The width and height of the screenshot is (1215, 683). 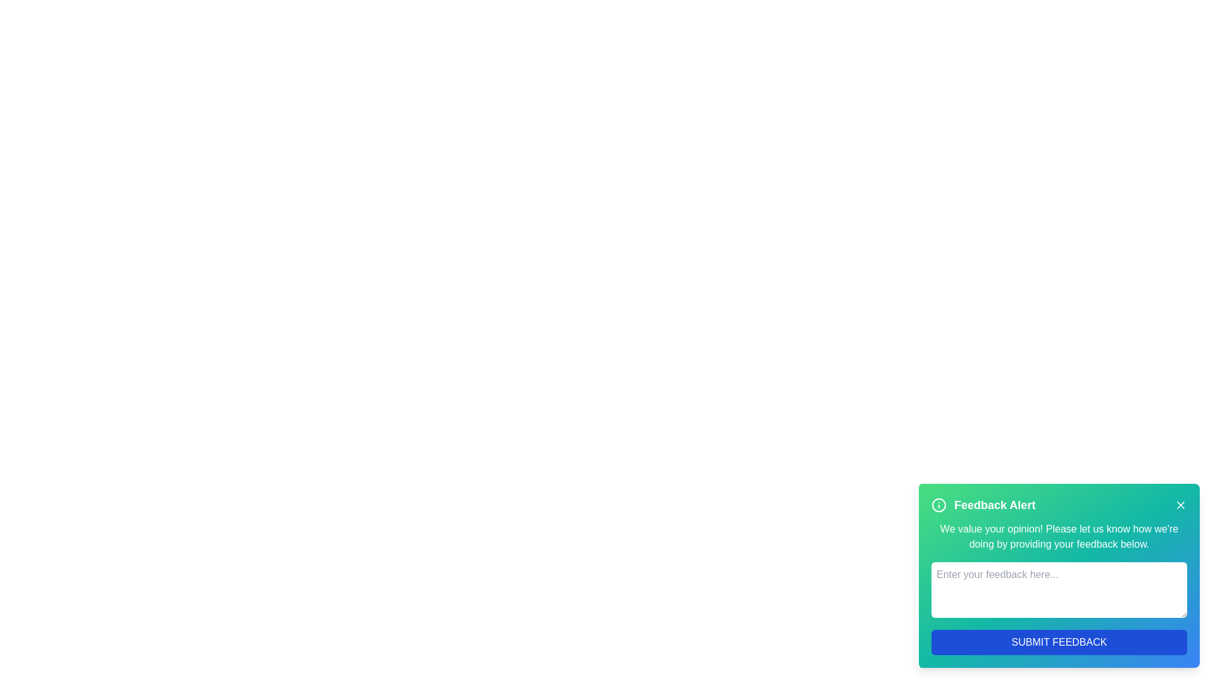 What do you see at coordinates (1059, 590) in the screenshot?
I see `the textarea to focus on it` at bounding box center [1059, 590].